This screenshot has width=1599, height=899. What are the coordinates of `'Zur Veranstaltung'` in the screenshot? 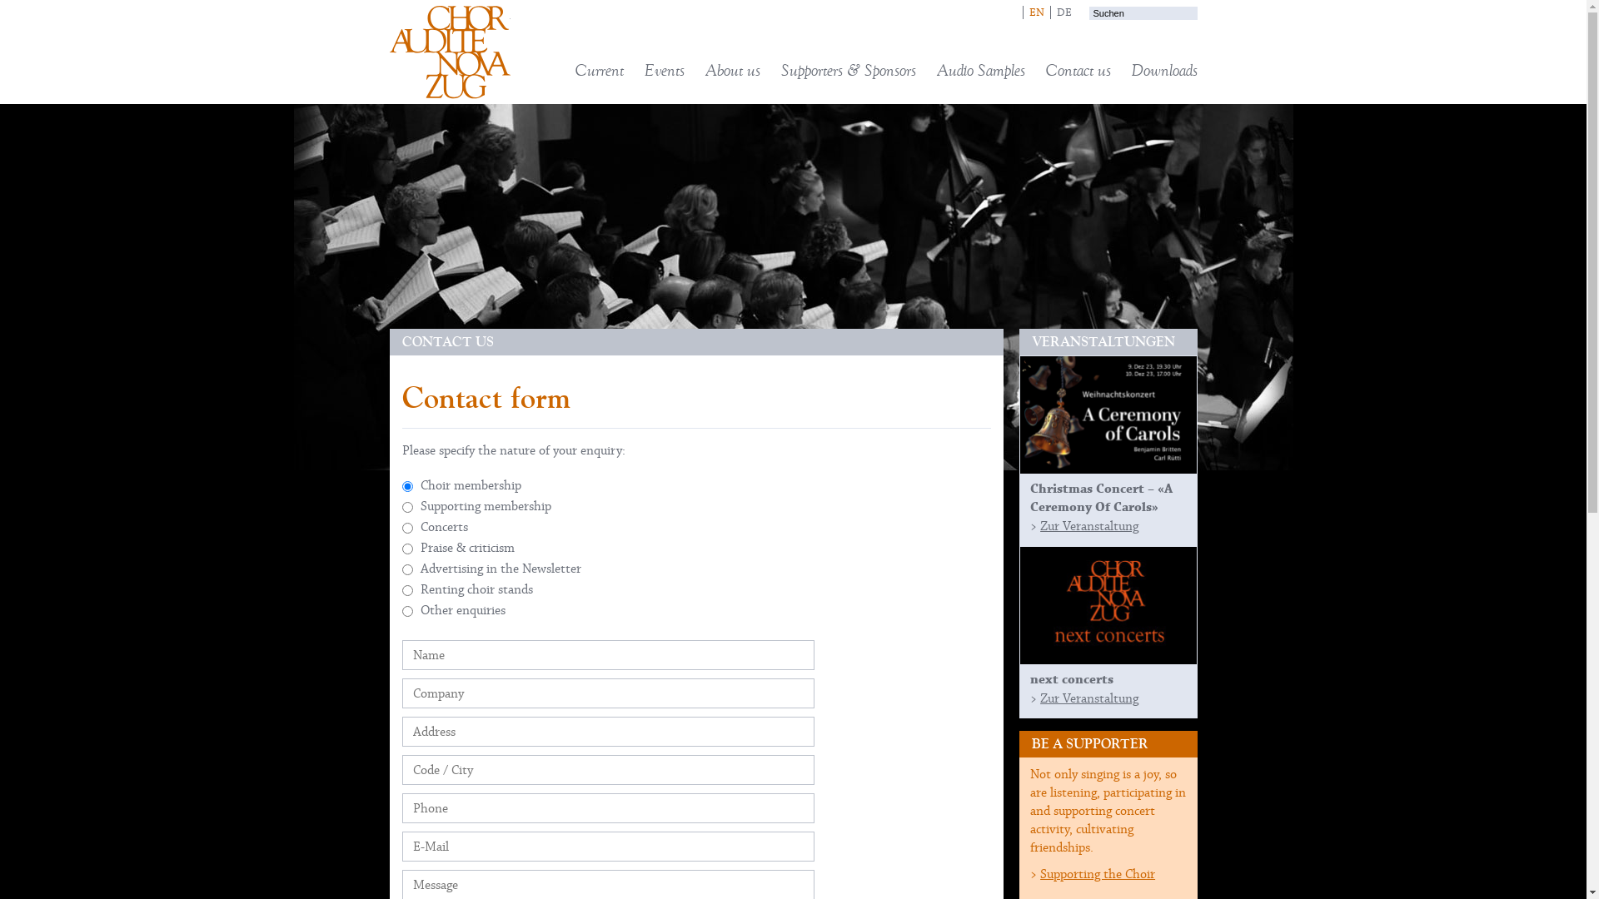 It's located at (1089, 698).